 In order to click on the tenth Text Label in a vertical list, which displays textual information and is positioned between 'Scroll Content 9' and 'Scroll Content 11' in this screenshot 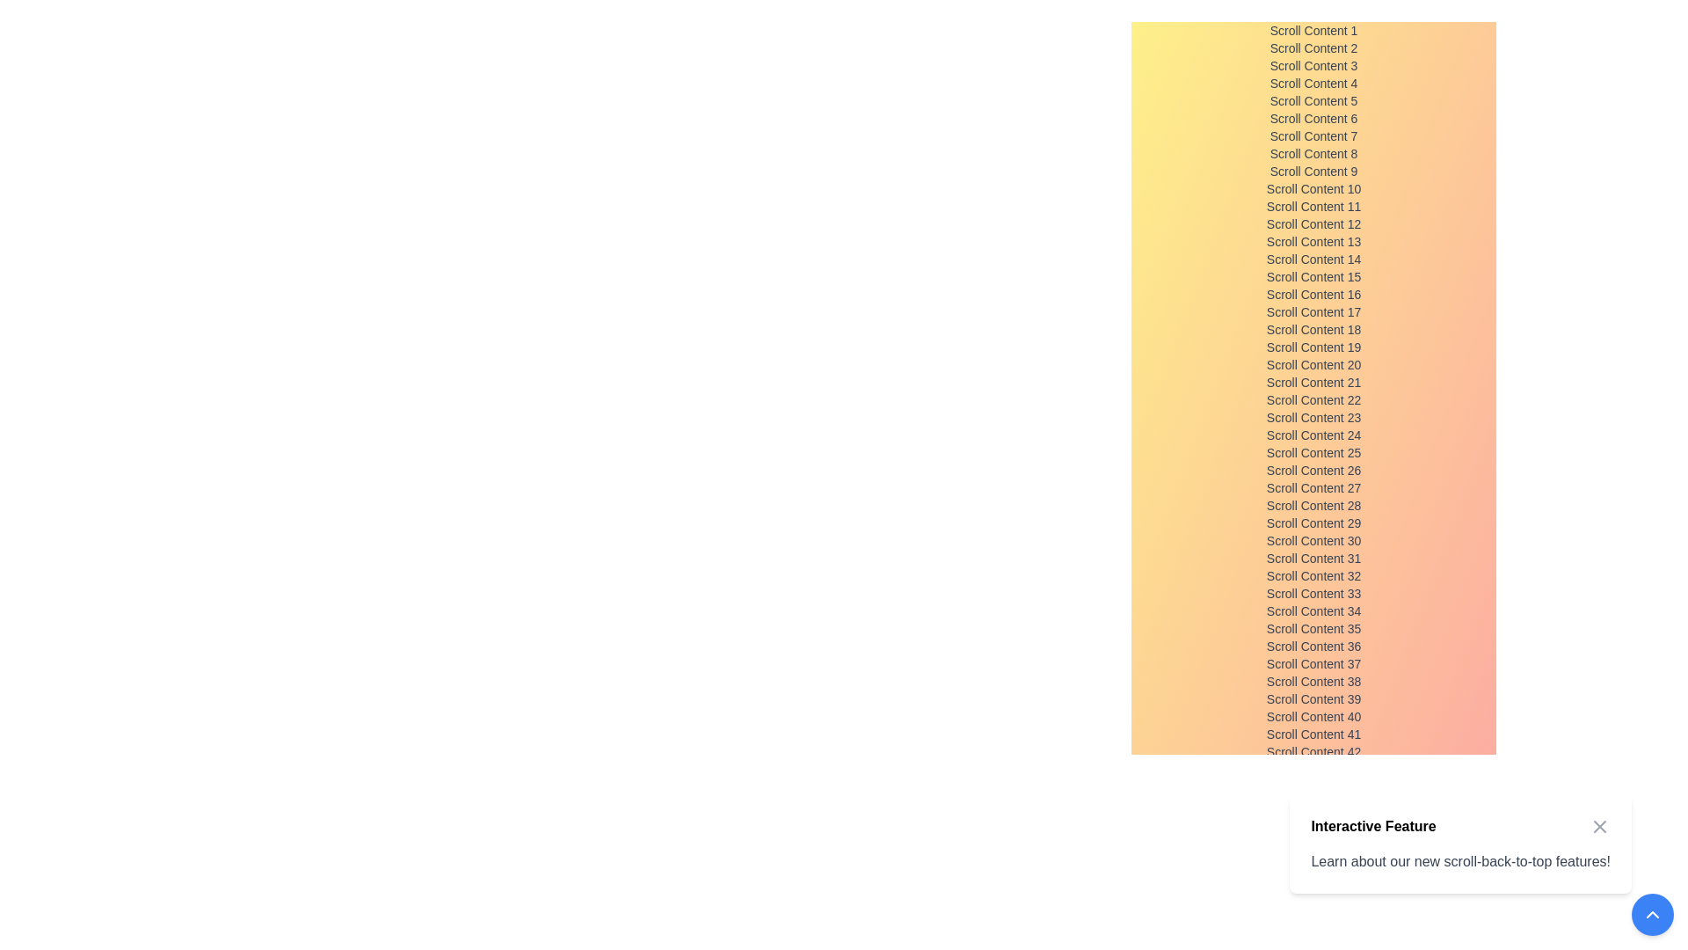, I will do `click(1313, 189)`.